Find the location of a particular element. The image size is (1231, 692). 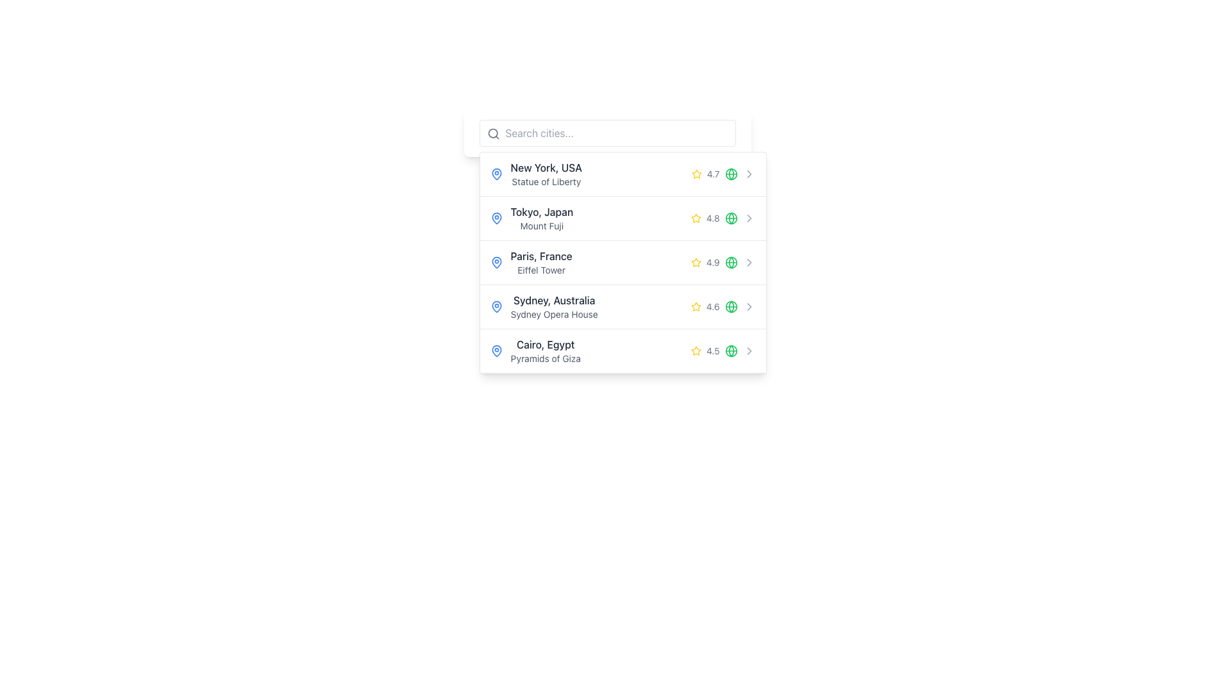

assistive tools is located at coordinates (542, 211).